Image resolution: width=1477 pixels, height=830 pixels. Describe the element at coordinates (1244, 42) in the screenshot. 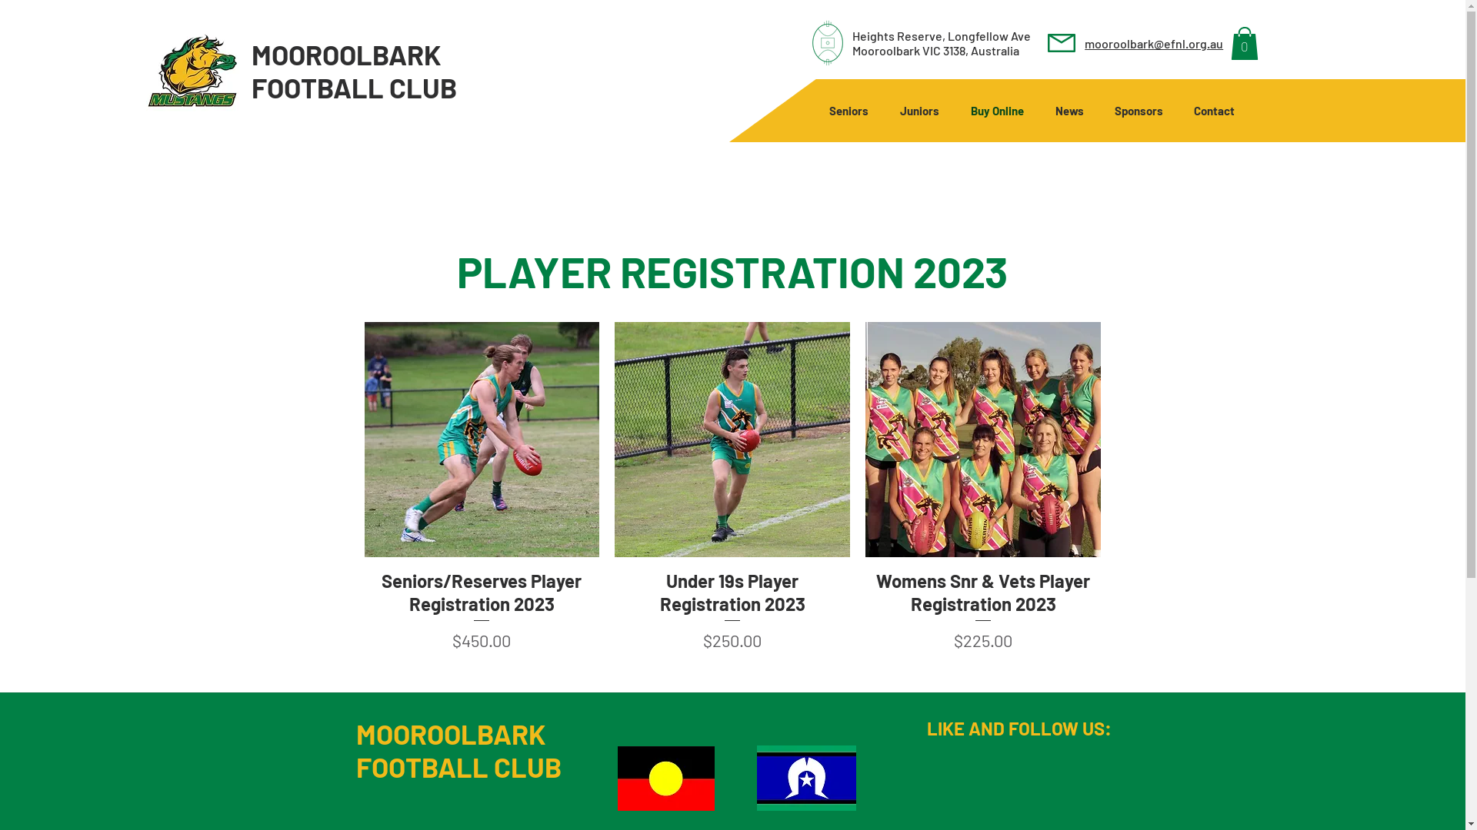

I see `'0'` at that location.